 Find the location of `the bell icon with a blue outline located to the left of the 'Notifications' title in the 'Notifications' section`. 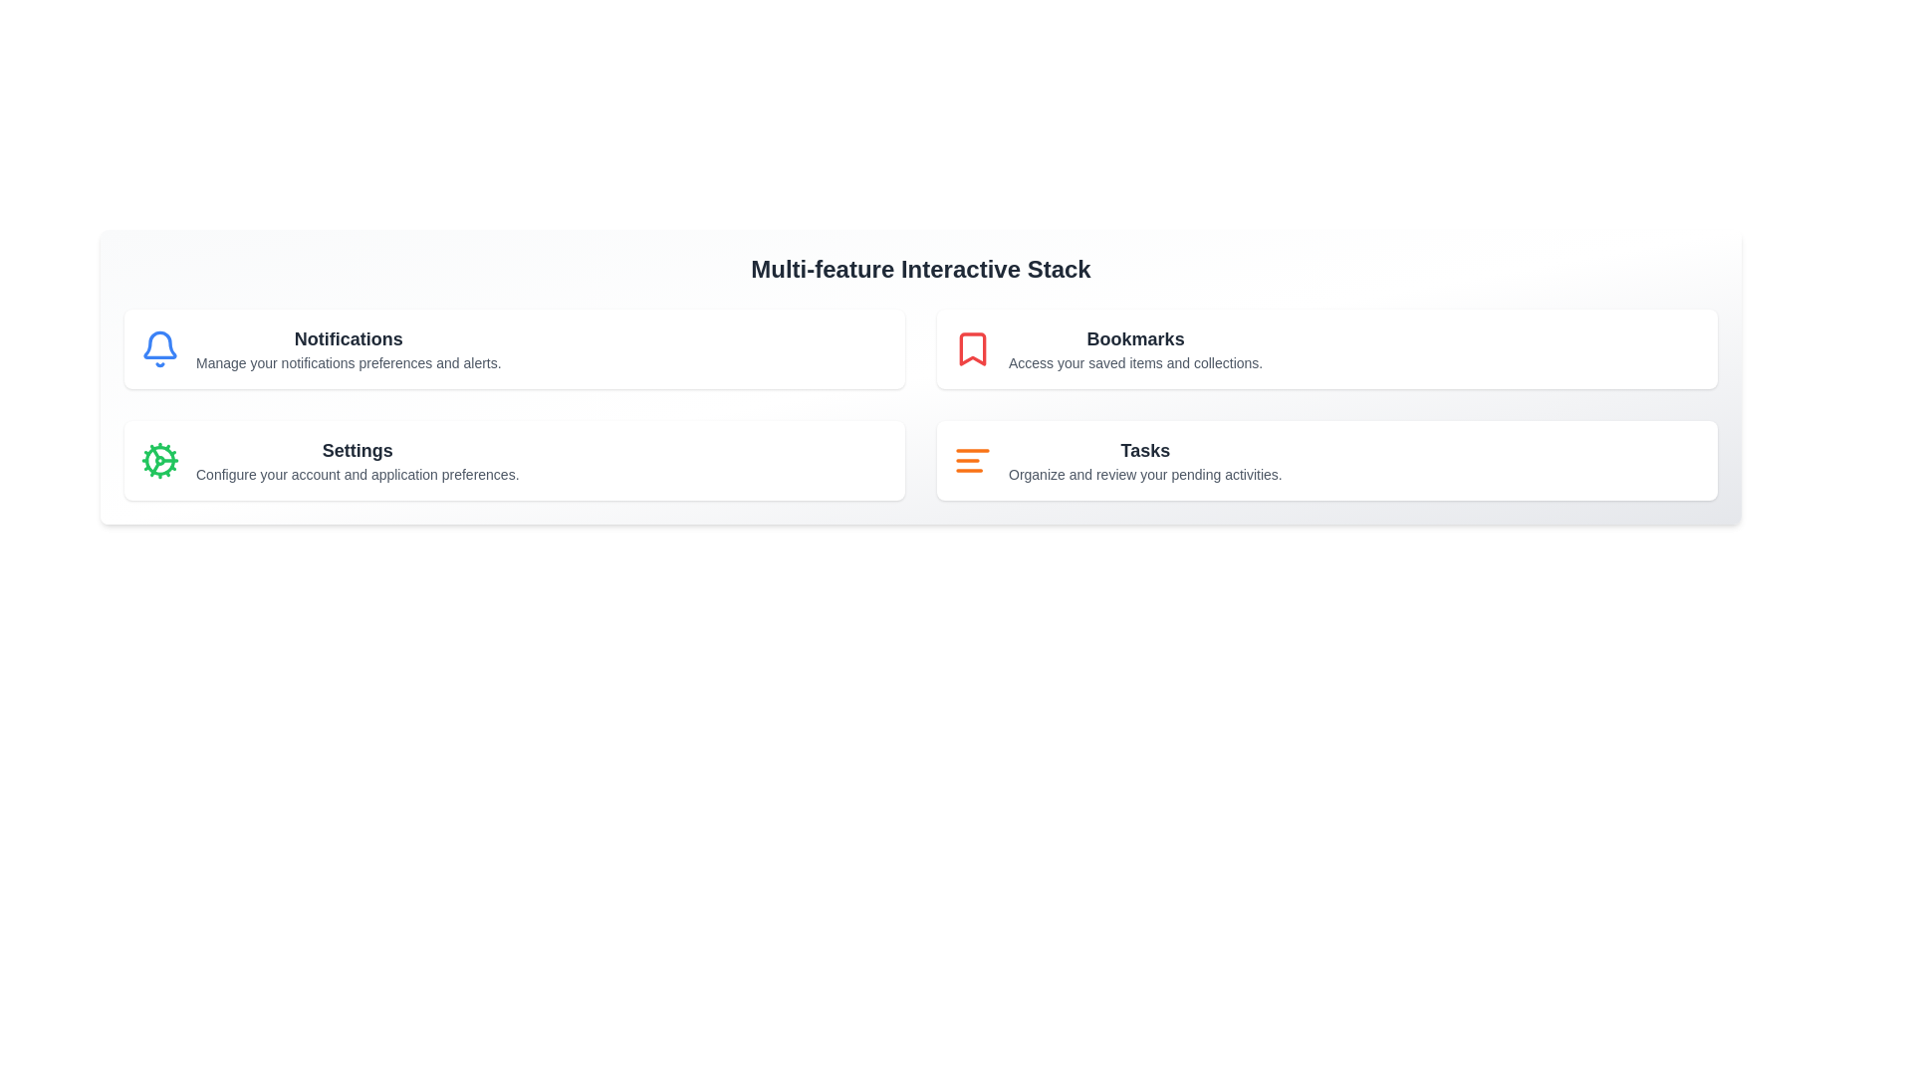

the bell icon with a blue outline located to the left of the 'Notifications' title in the 'Notifications' section is located at coordinates (160, 348).